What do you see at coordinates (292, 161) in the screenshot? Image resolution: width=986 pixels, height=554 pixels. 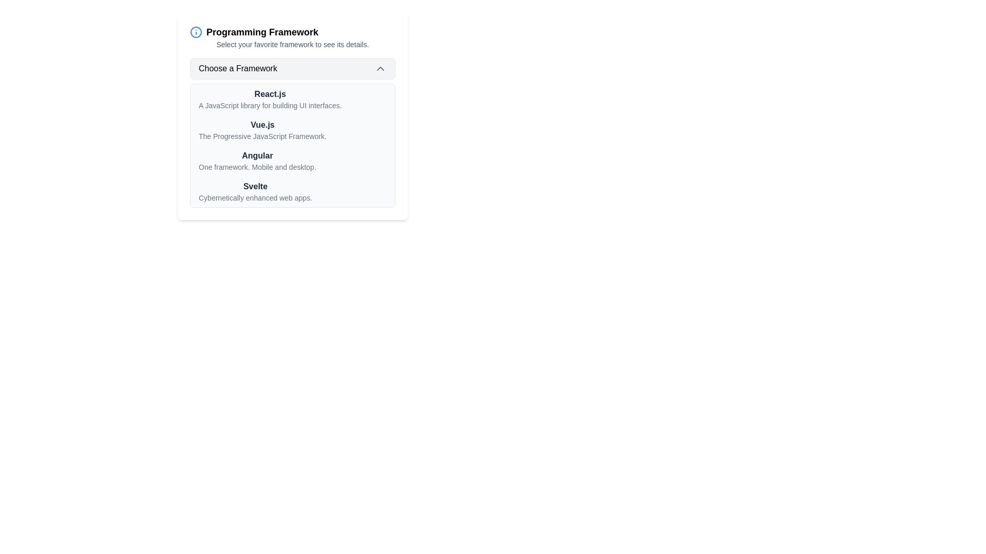 I see `the third list item in the selection menu titled 'Angular', which features a description 'One framework. Mobile and desktop.'` at bounding box center [292, 161].